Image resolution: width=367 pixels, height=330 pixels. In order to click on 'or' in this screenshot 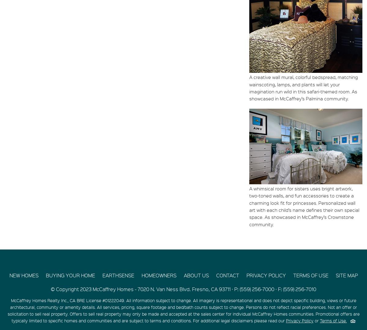, I will do `click(317, 320)`.